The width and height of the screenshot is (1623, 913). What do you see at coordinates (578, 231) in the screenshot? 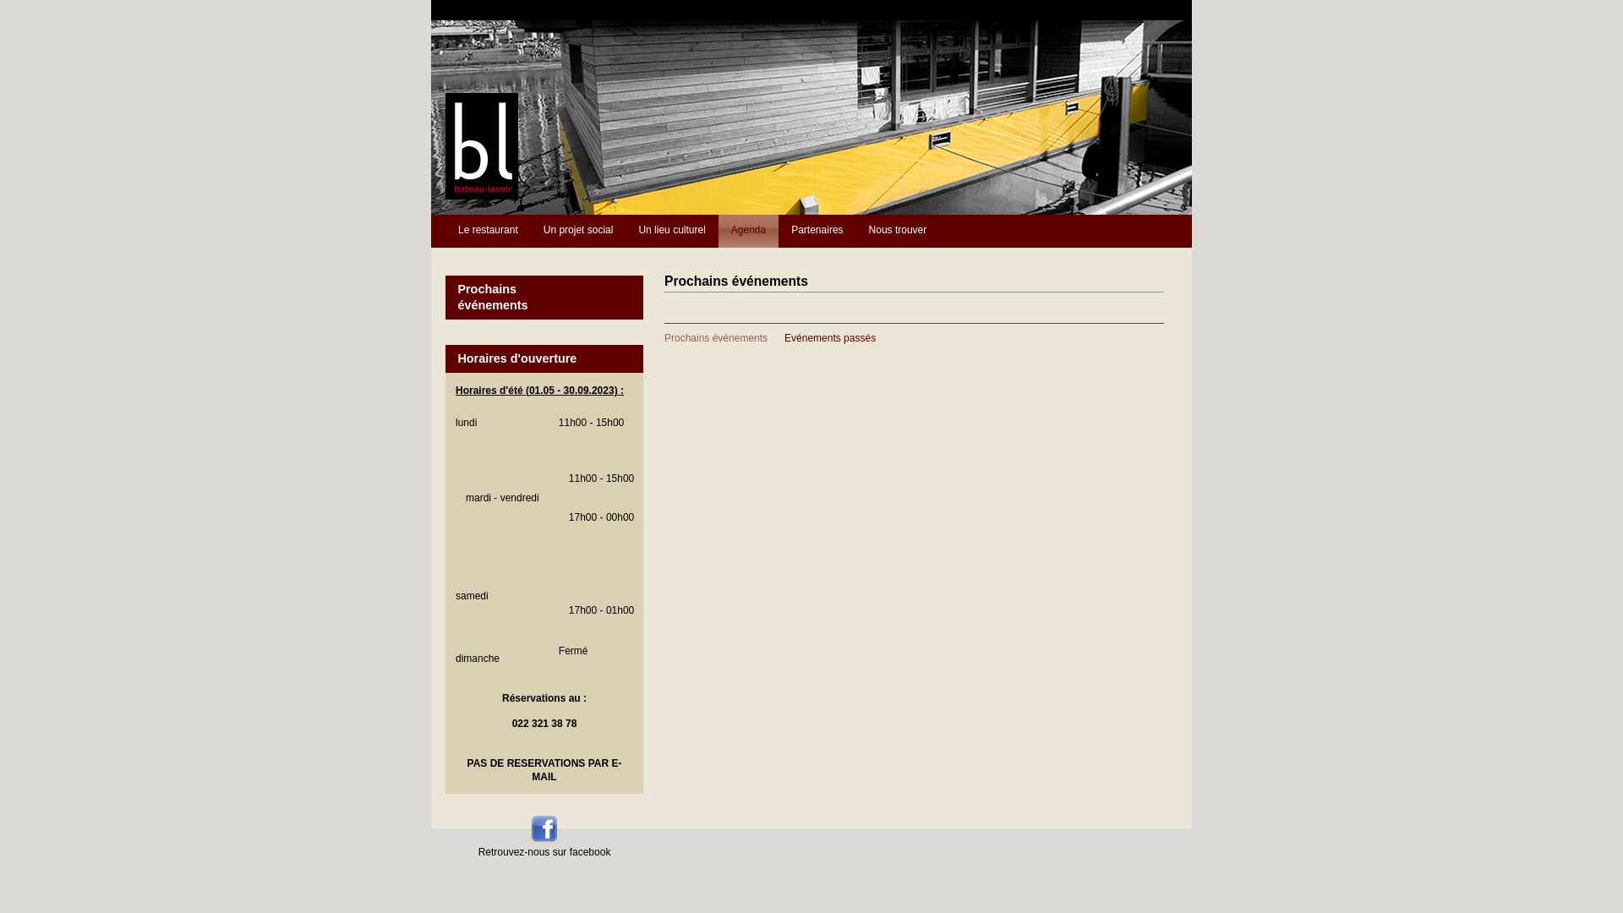
I see `'Un projet social'` at bounding box center [578, 231].